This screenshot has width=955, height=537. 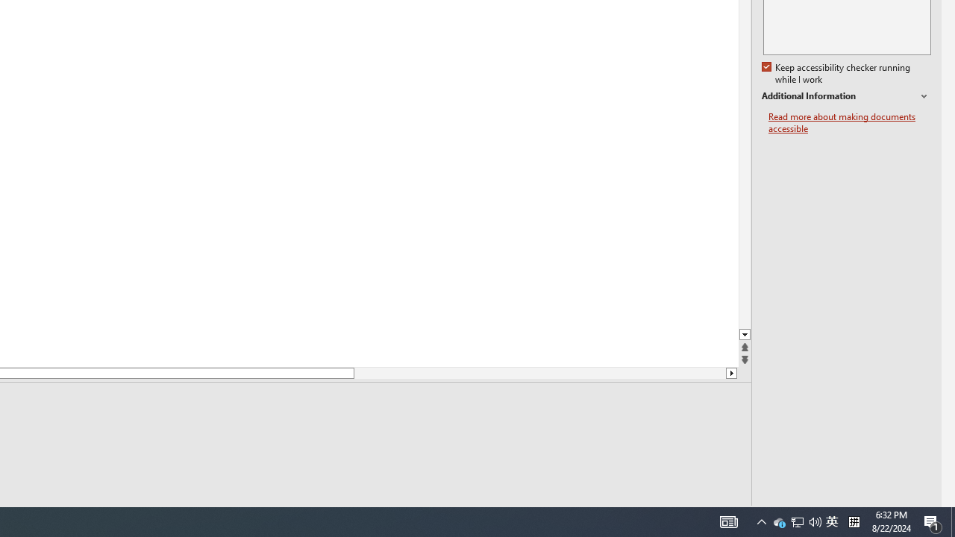 What do you see at coordinates (831, 521) in the screenshot?
I see `'User Promoted Notification Area'` at bounding box center [831, 521].